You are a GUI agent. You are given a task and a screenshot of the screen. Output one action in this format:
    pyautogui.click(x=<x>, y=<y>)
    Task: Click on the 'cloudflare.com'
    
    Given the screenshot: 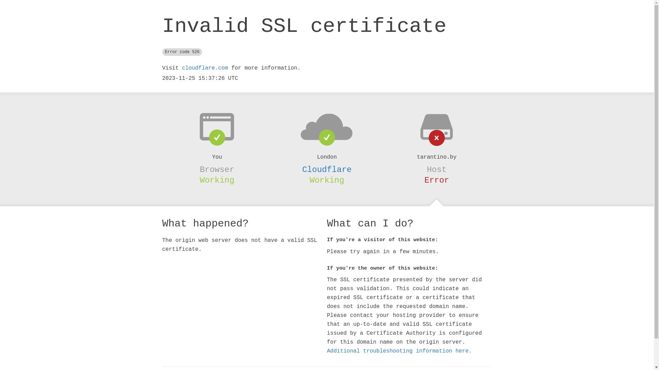 What is the action you would take?
    pyautogui.click(x=204, y=68)
    